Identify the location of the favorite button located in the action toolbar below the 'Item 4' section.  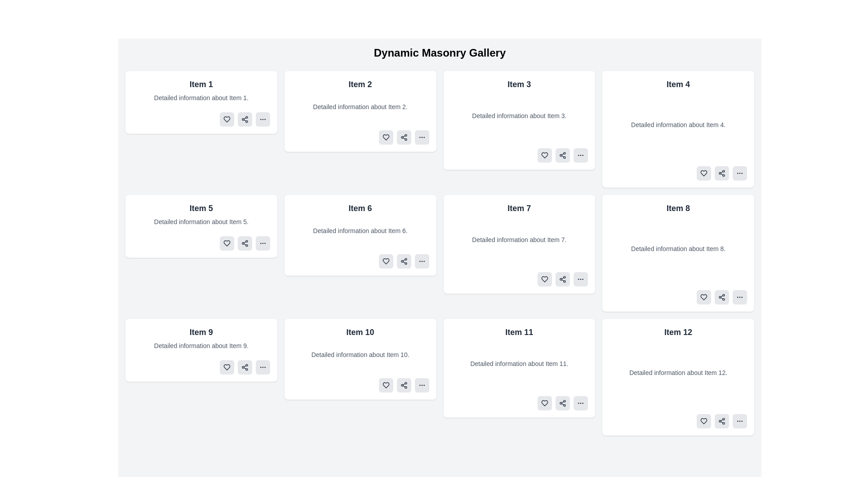
(703, 173).